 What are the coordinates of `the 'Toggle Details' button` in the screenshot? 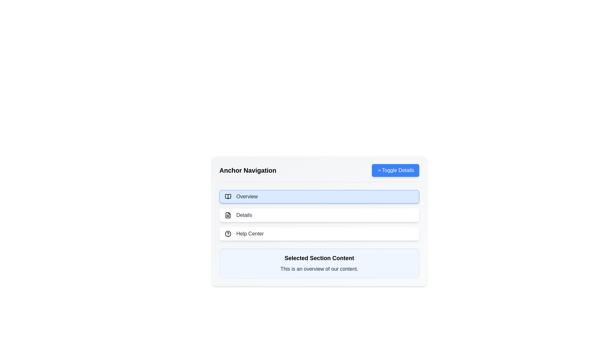 It's located at (379, 170).